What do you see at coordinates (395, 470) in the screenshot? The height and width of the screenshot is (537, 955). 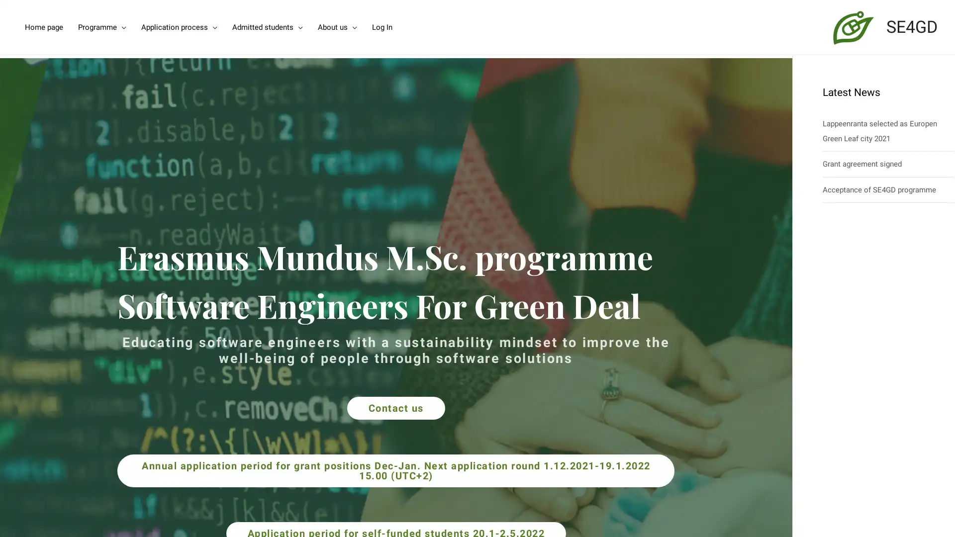 I see `Annual application period for grant positions Dec-Jan. Next application round 1.12.2021-19.1.2022 15.00 (UTC+2)` at bounding box center [395, 470].